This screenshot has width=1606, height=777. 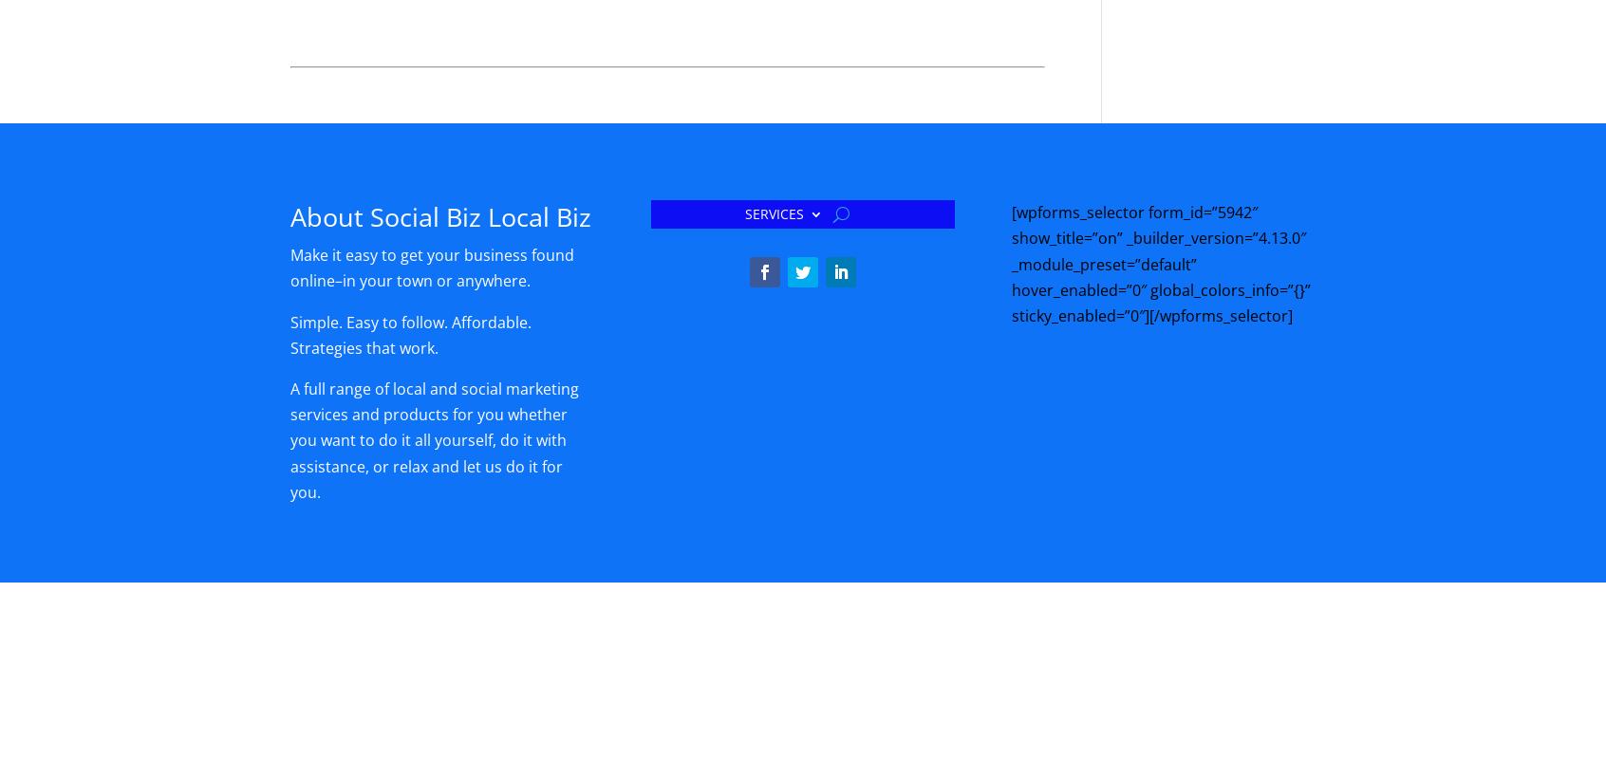 I want to click on 'A full range of local and social marketing services and products for you whether you want to do it all yourself, do it with assistance, or relax and let us do it for you.', so click(x=434, y=439).